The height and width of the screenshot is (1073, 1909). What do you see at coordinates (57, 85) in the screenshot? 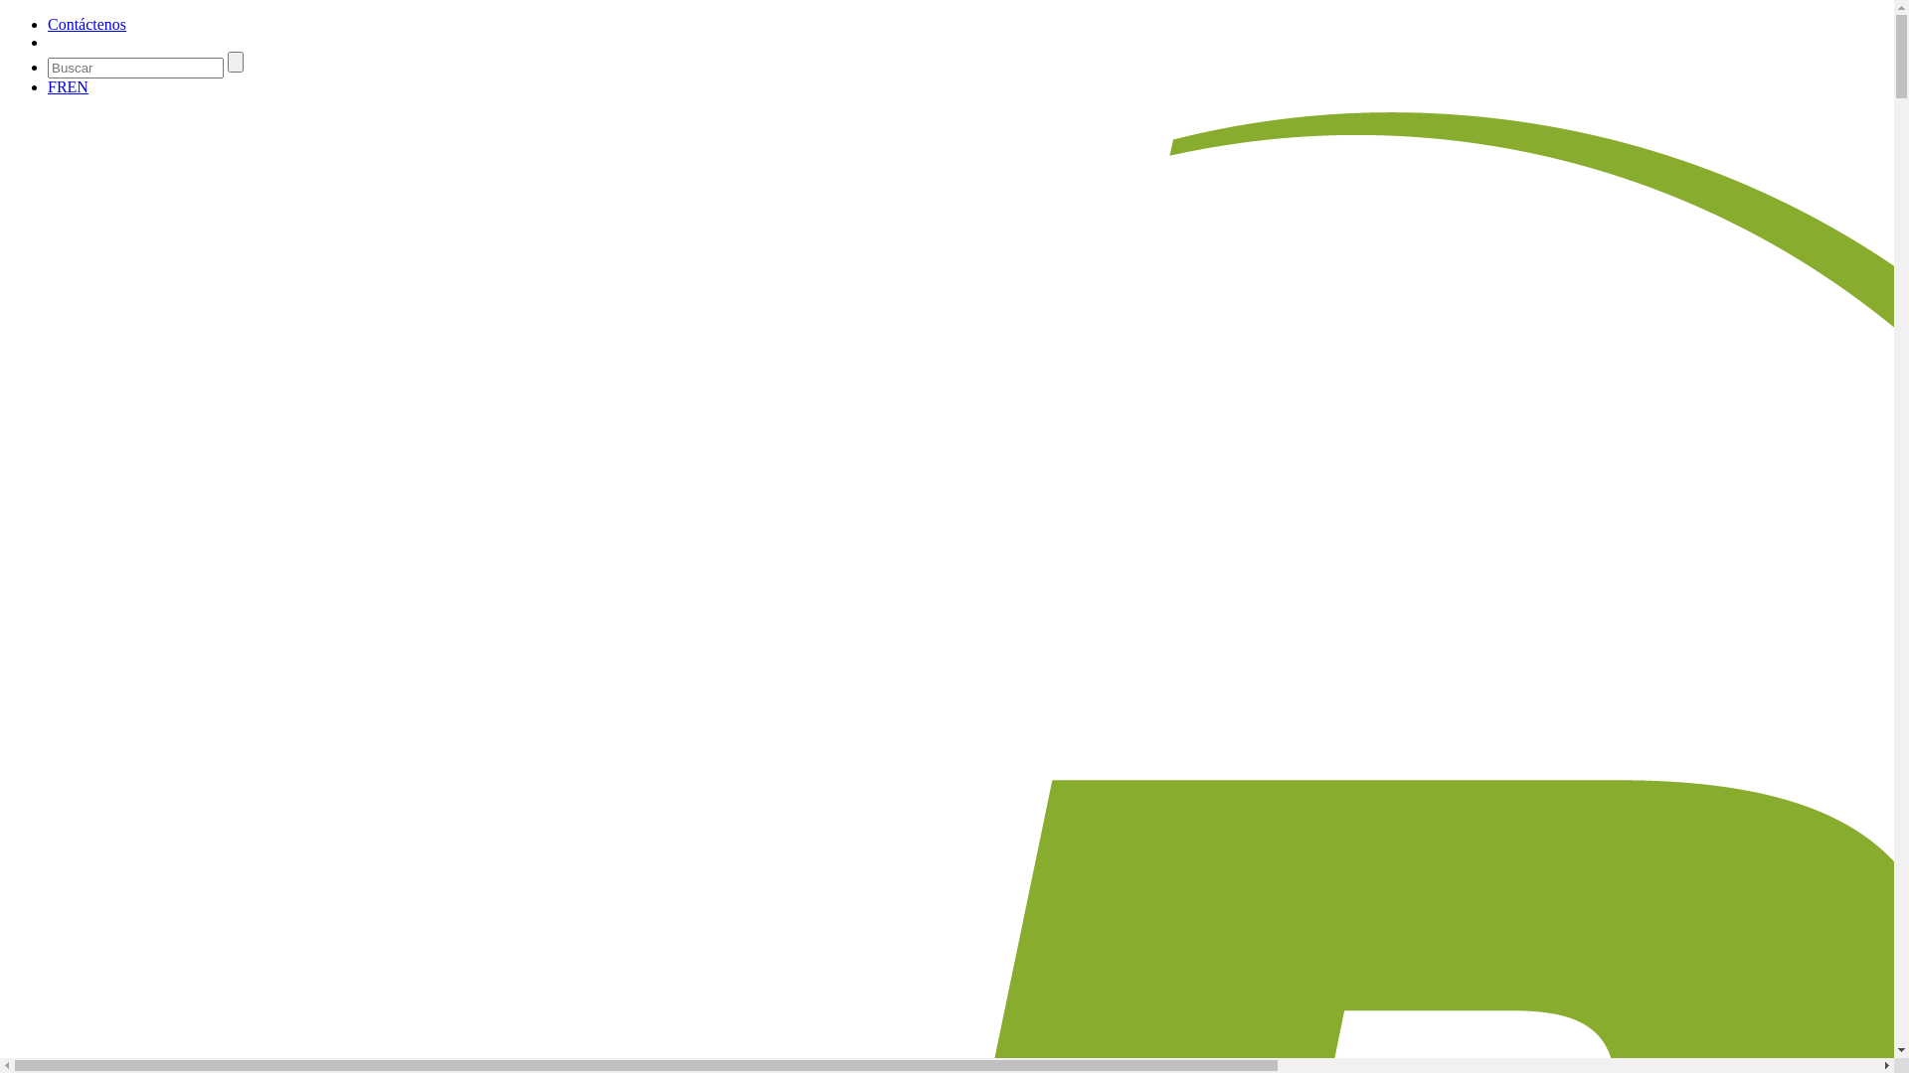
I see `'FR'` at bounding box center [57, 85].